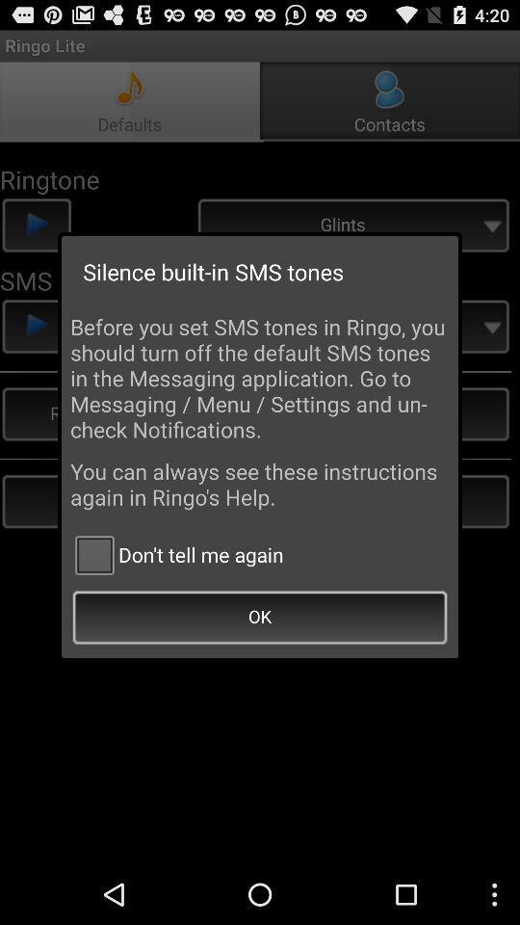  I want to click on the icon below the don t tell icon, so click(260, 618).